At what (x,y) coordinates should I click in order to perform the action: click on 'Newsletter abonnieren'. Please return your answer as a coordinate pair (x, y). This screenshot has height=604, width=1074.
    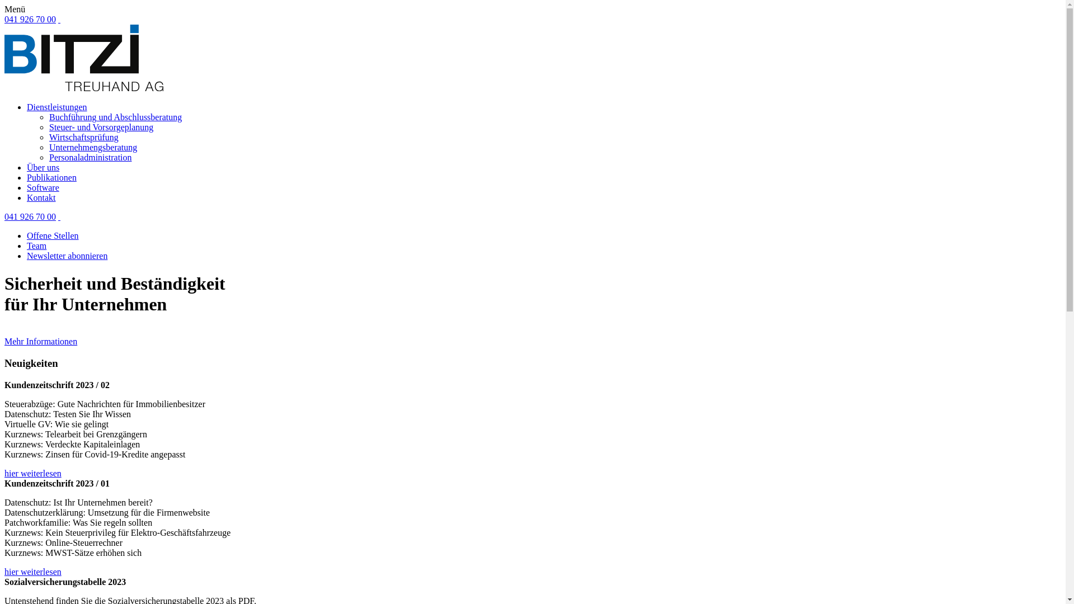
    Looking at the image, I should click on (27, 256).